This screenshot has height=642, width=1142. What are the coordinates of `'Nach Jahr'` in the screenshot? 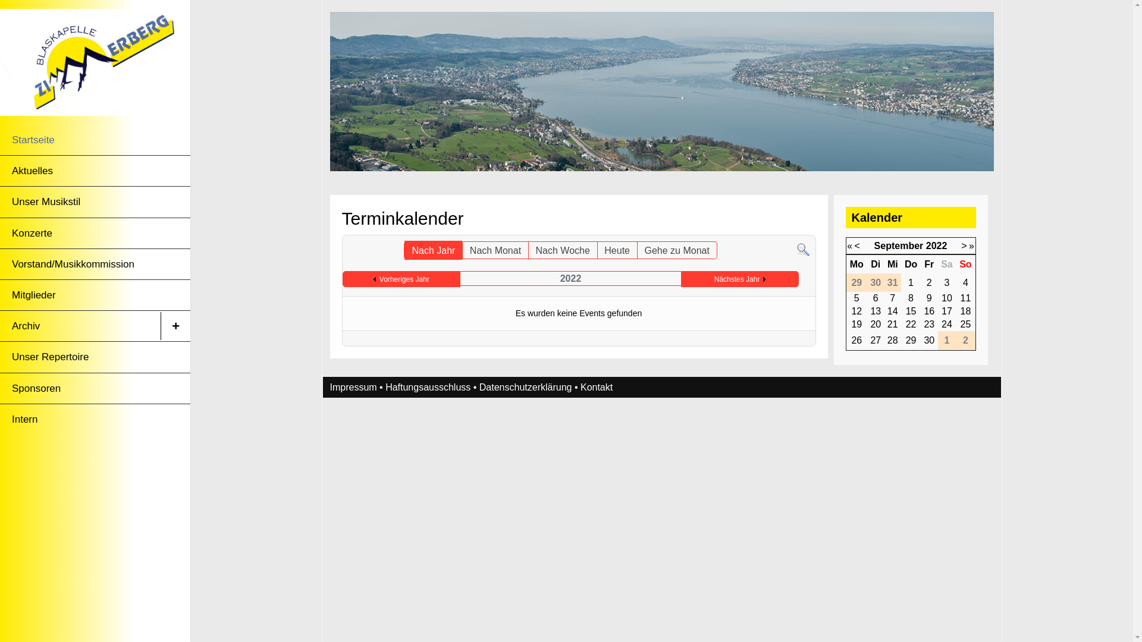 It's located at (432, 249).